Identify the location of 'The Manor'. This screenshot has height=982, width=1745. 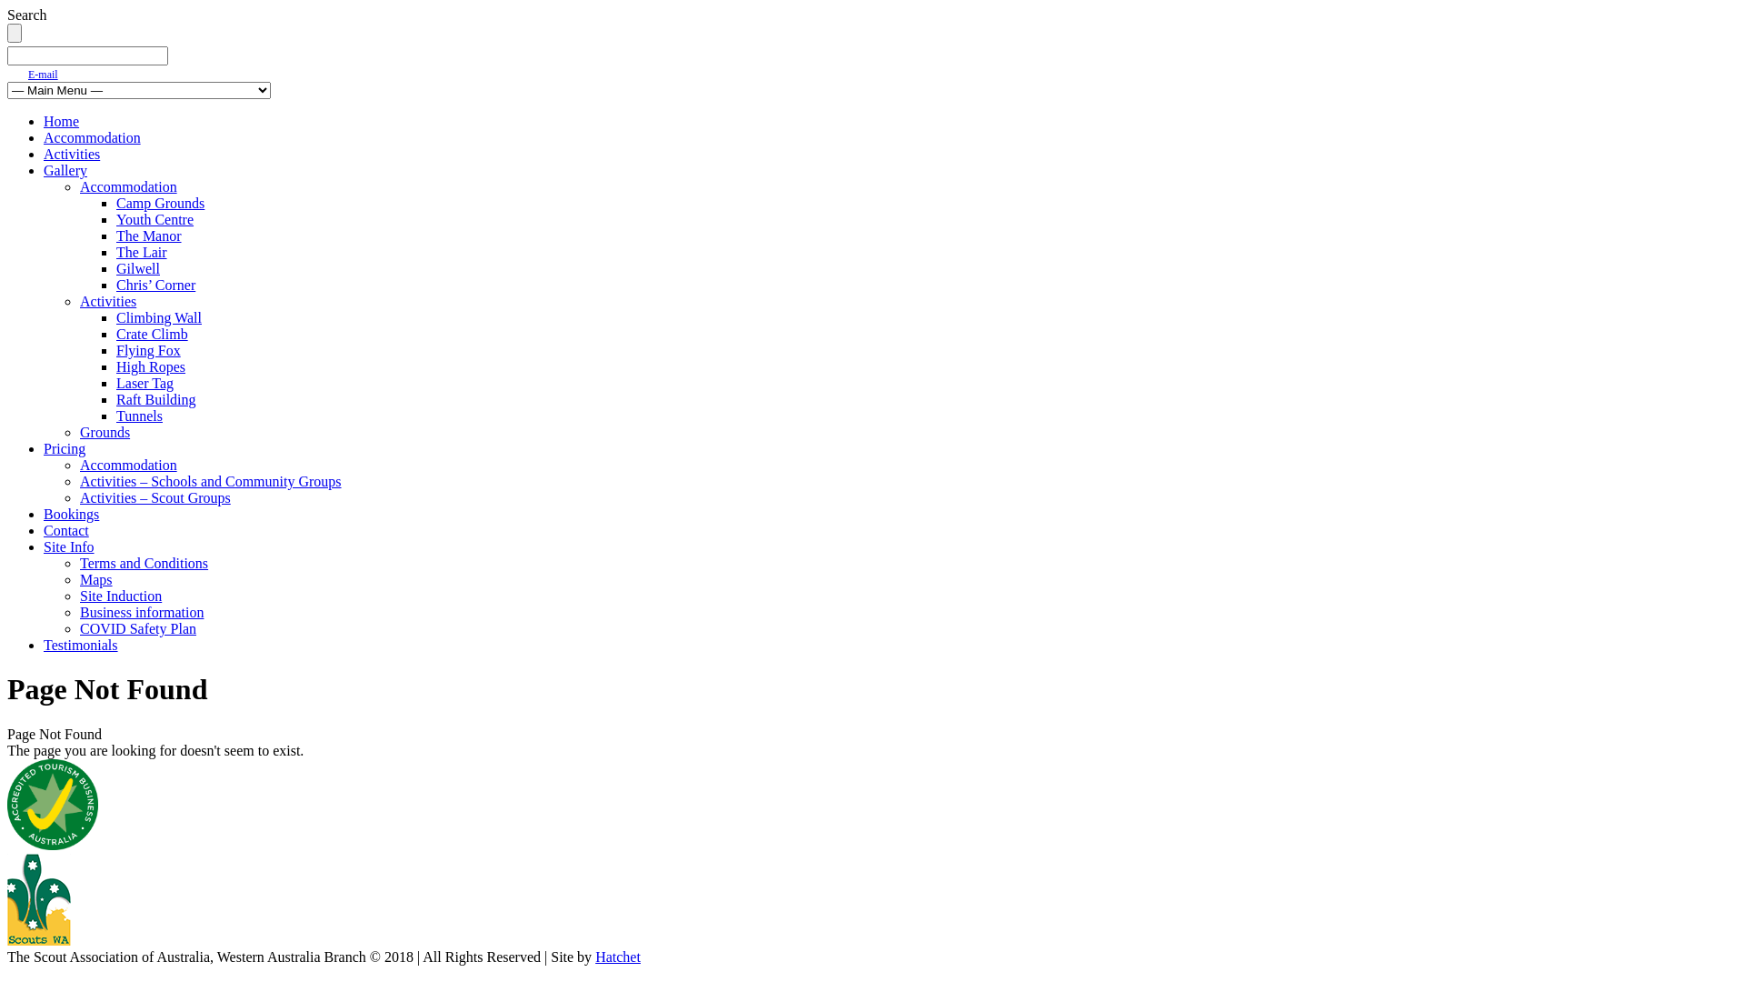
(148, 235).